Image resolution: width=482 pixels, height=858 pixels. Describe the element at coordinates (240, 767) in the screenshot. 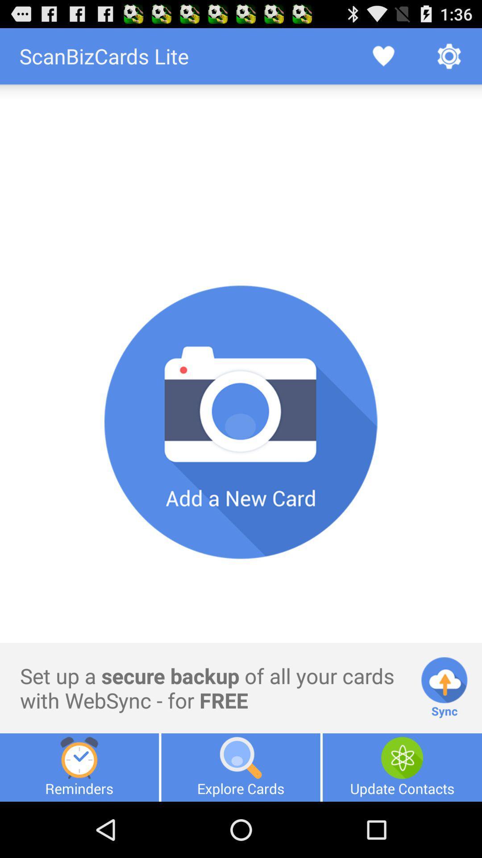

I see `the item next to update contacts` at that location.